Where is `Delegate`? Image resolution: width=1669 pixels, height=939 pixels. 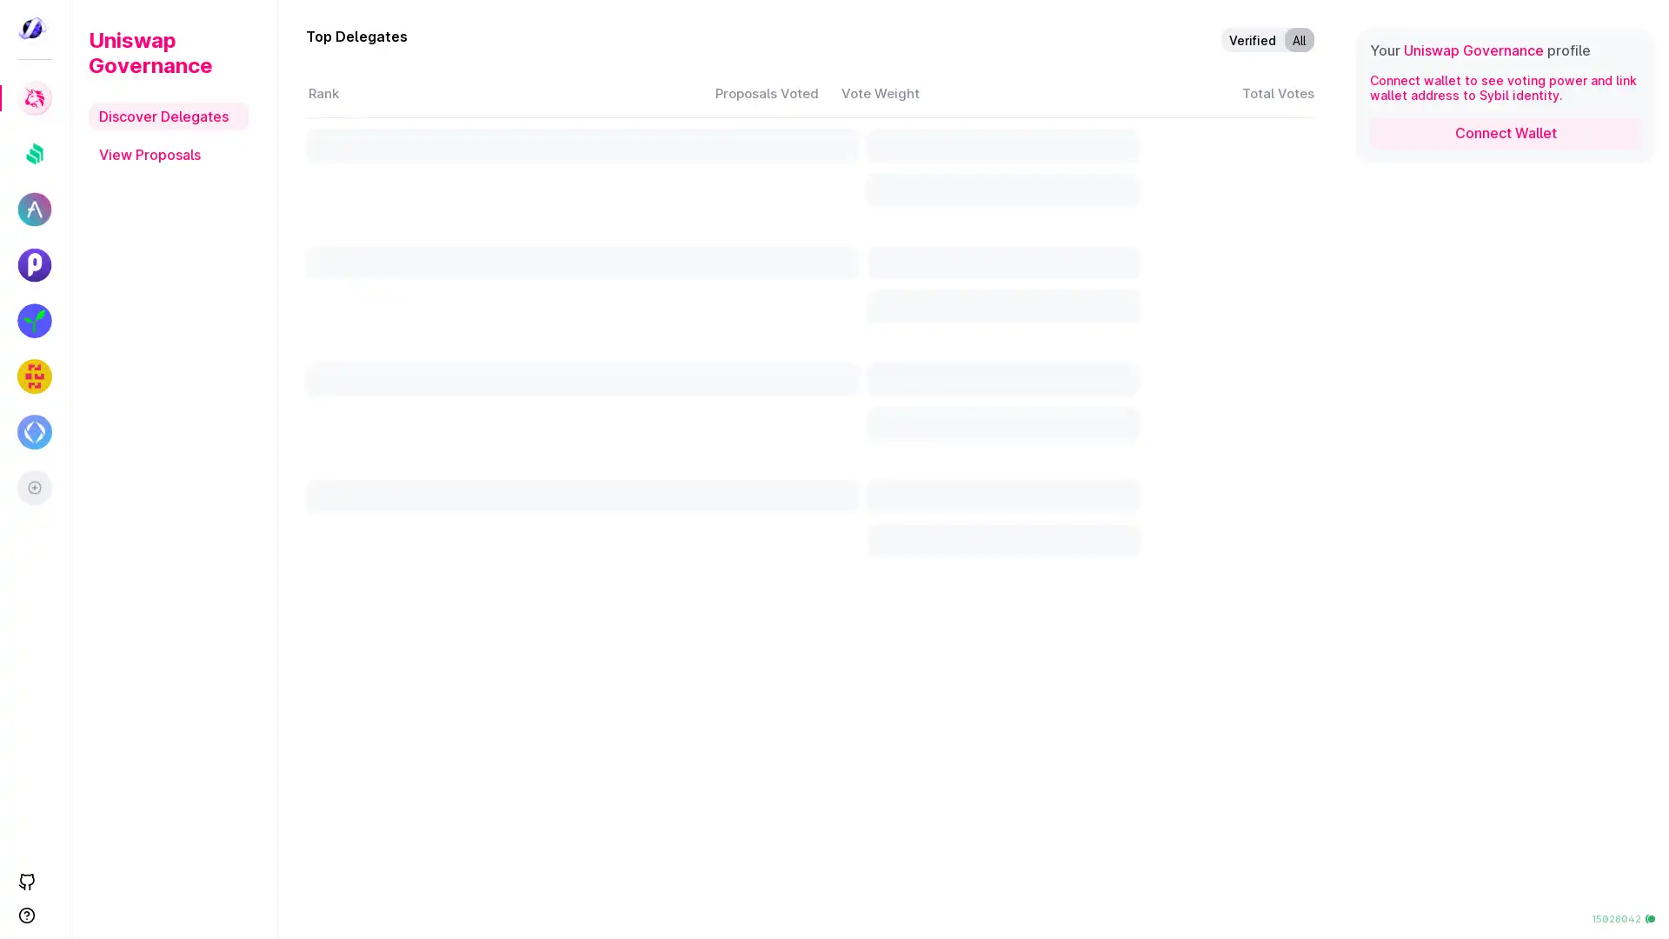 Delegate is located at coordinates (1153, 648).